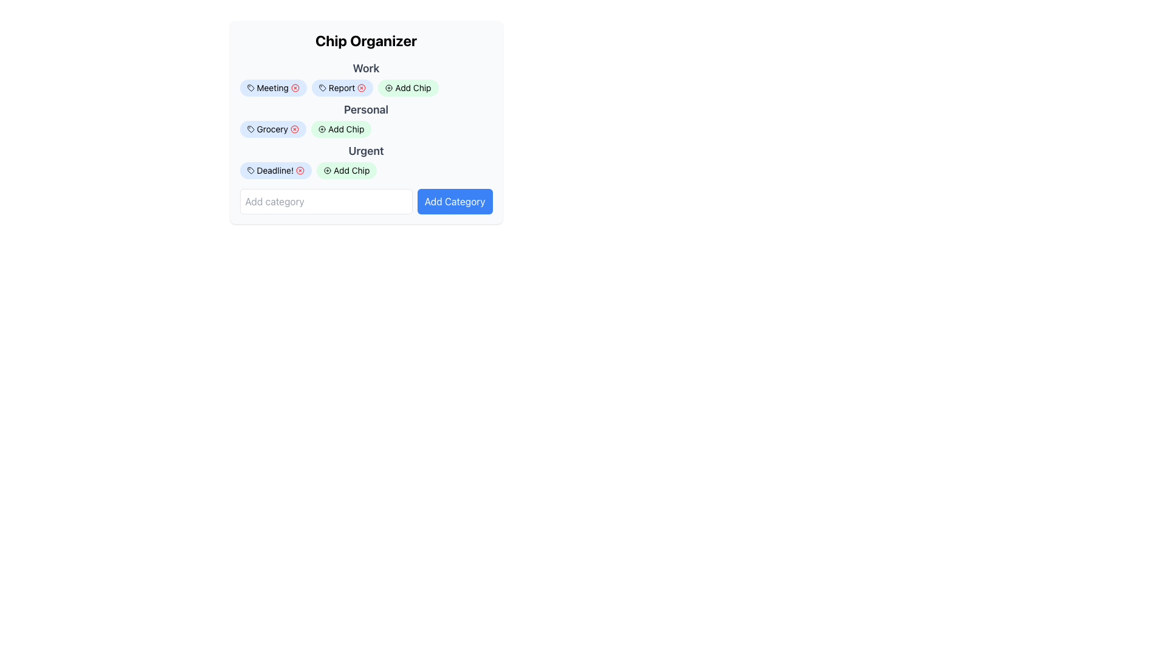  What do you see at coordinates (365, 68) in the screenshot?
I see `the 'Work' text label, which is displayed in bold dark gray font and serves as a header for related items like 'Meeting', 'Report', and 'Add Chip'` at bounding box center [365, 68].